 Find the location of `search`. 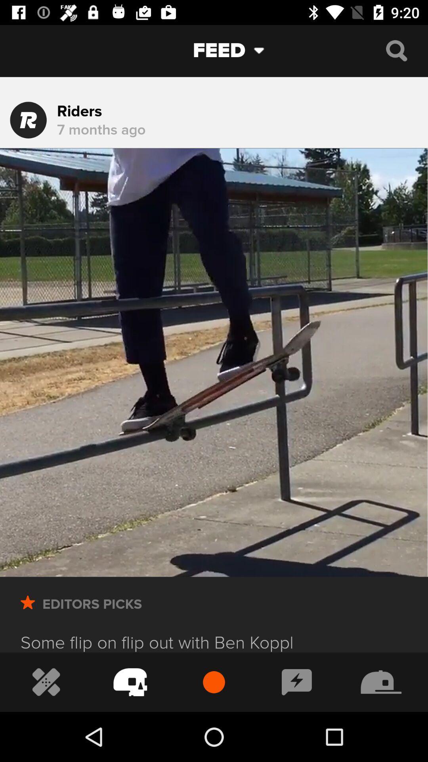

search is located at coordinates (396, 50).